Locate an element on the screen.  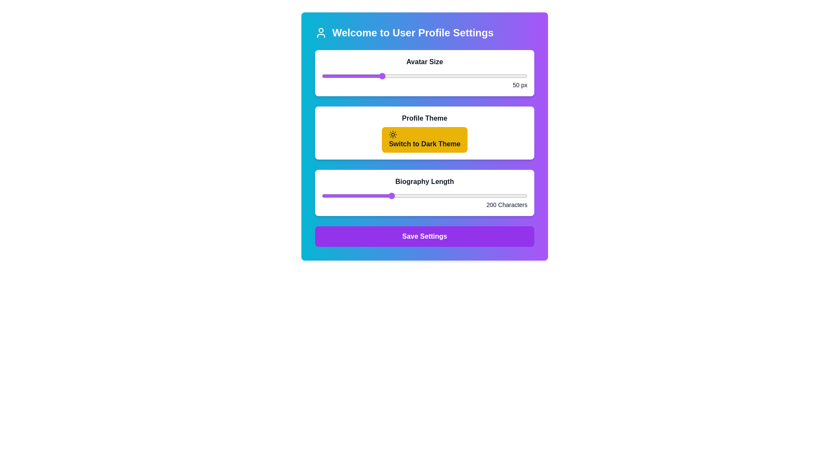
the SVG Circle element that visually complements the user icon, located at the top-left of the application's interface, part of the head shape is located at coordinates (320, 30).